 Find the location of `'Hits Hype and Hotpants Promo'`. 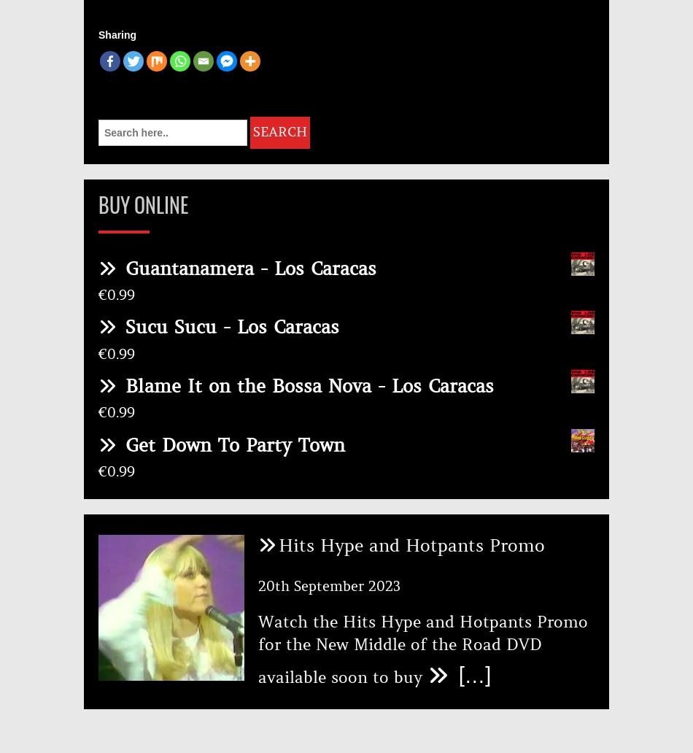

'Hits Hype and Hotpants Promo' is located at coordinates (277, 545).